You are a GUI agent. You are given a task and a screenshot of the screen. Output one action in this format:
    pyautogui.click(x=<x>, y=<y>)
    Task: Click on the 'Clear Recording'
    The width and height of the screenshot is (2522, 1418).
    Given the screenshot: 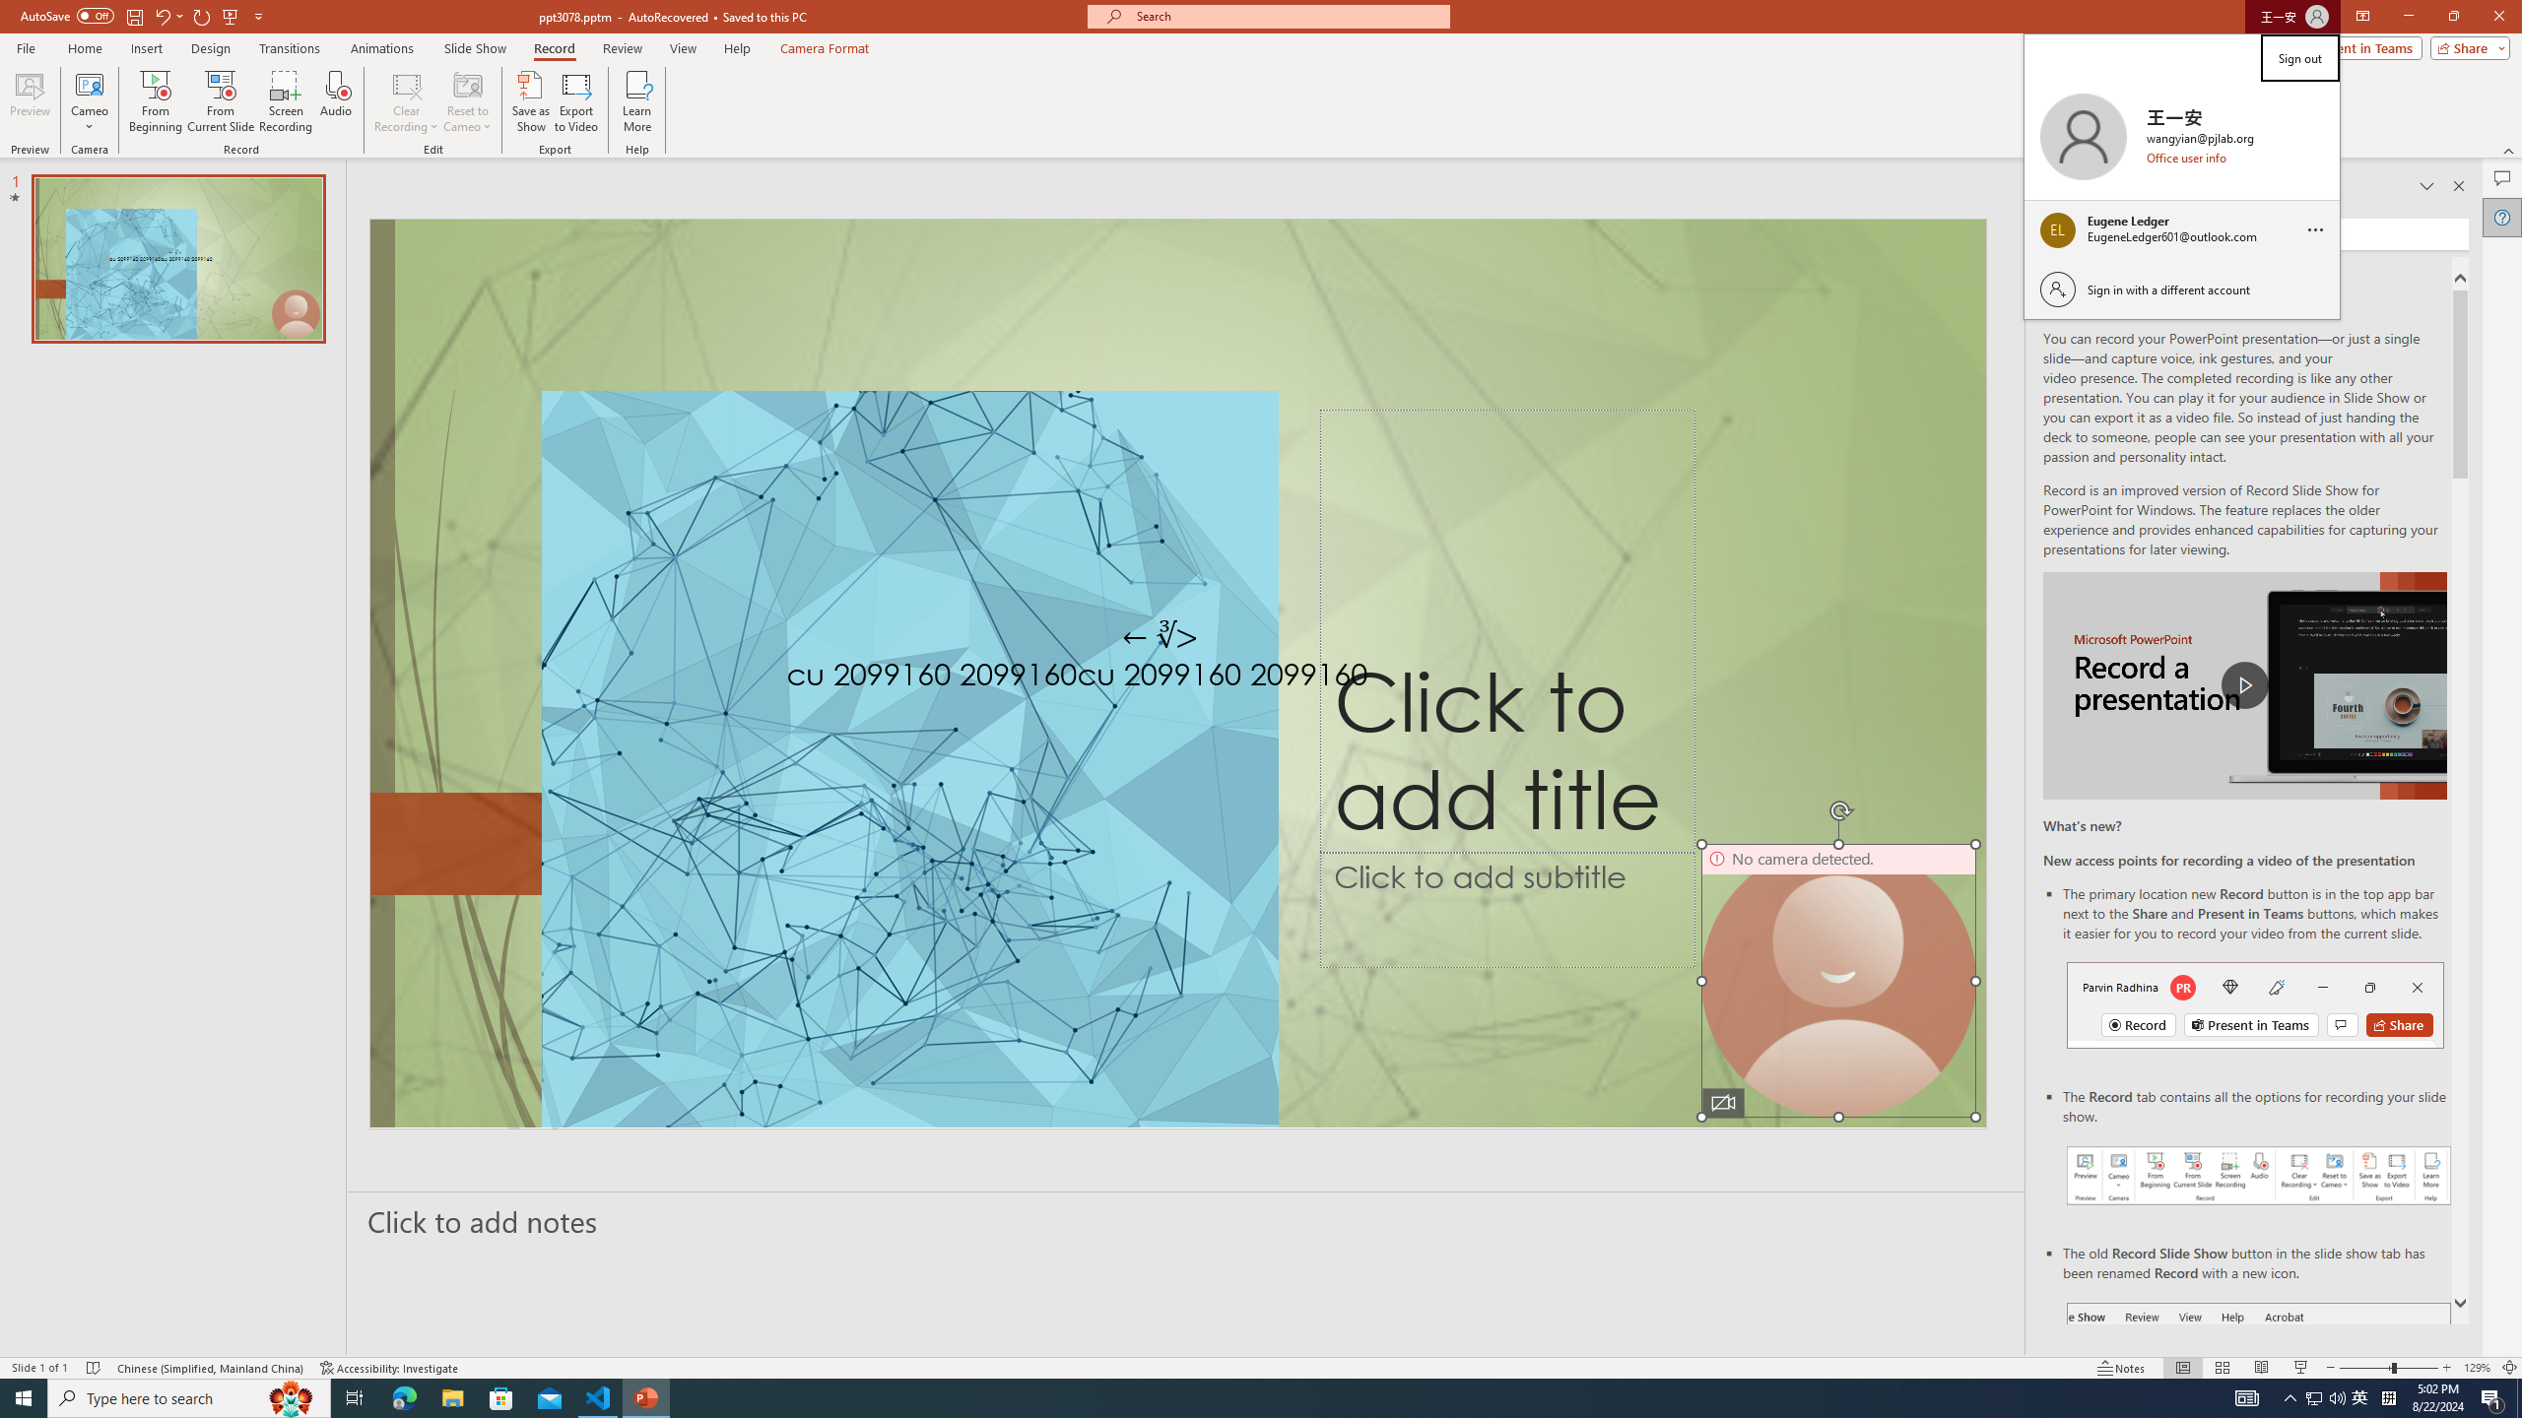 What is the action you would take?
    pyautogui.click(x=406, y=101)
    